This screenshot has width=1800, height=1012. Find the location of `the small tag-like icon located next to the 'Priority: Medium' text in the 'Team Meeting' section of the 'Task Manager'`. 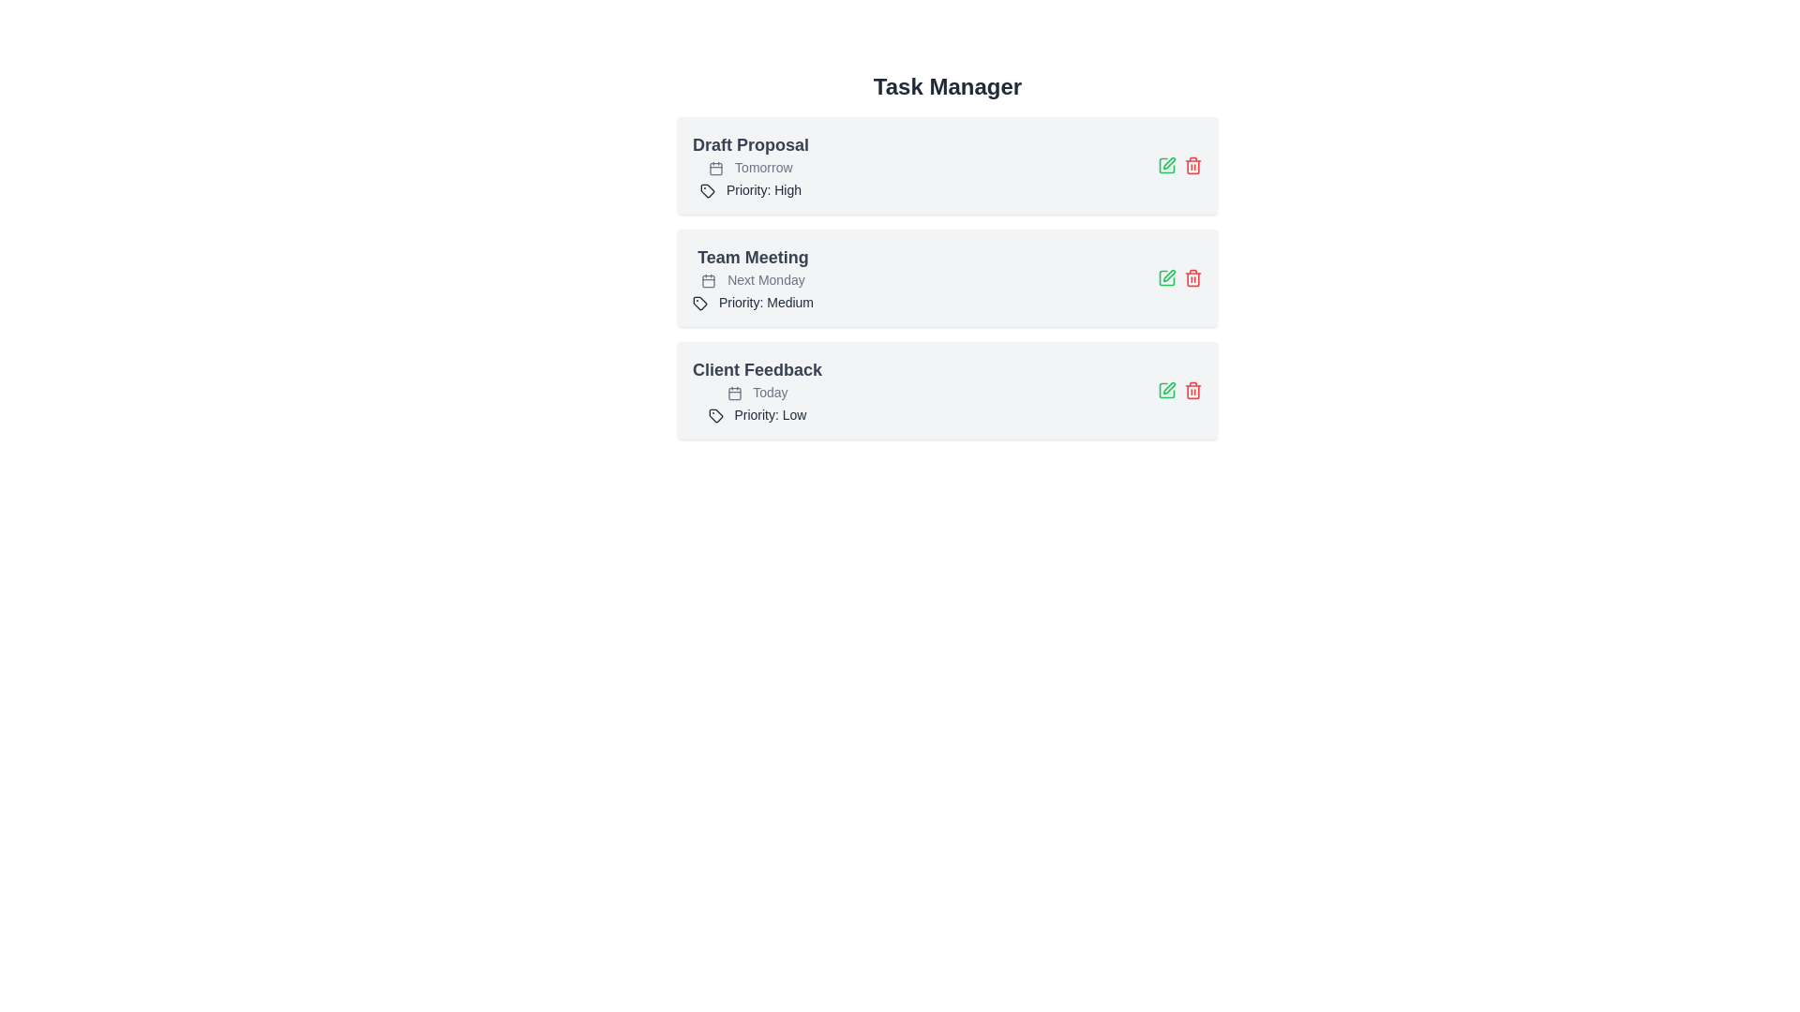

the small tag-like icon located next to the 'Priority: Medium' text in the 'Team Meeting' section of the 'Task Manager' is located at coordinates (699, 303).